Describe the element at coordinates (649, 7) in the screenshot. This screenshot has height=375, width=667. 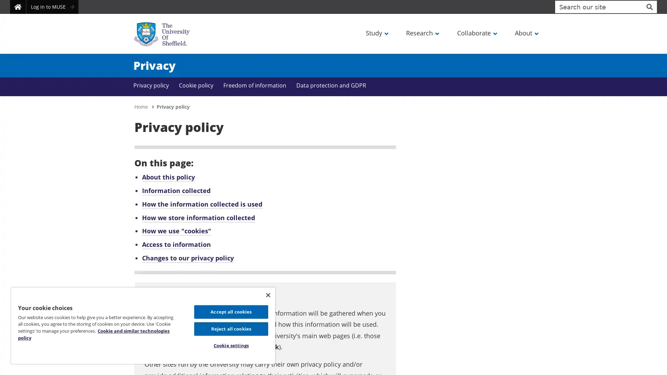
I see `Site search` at that location.